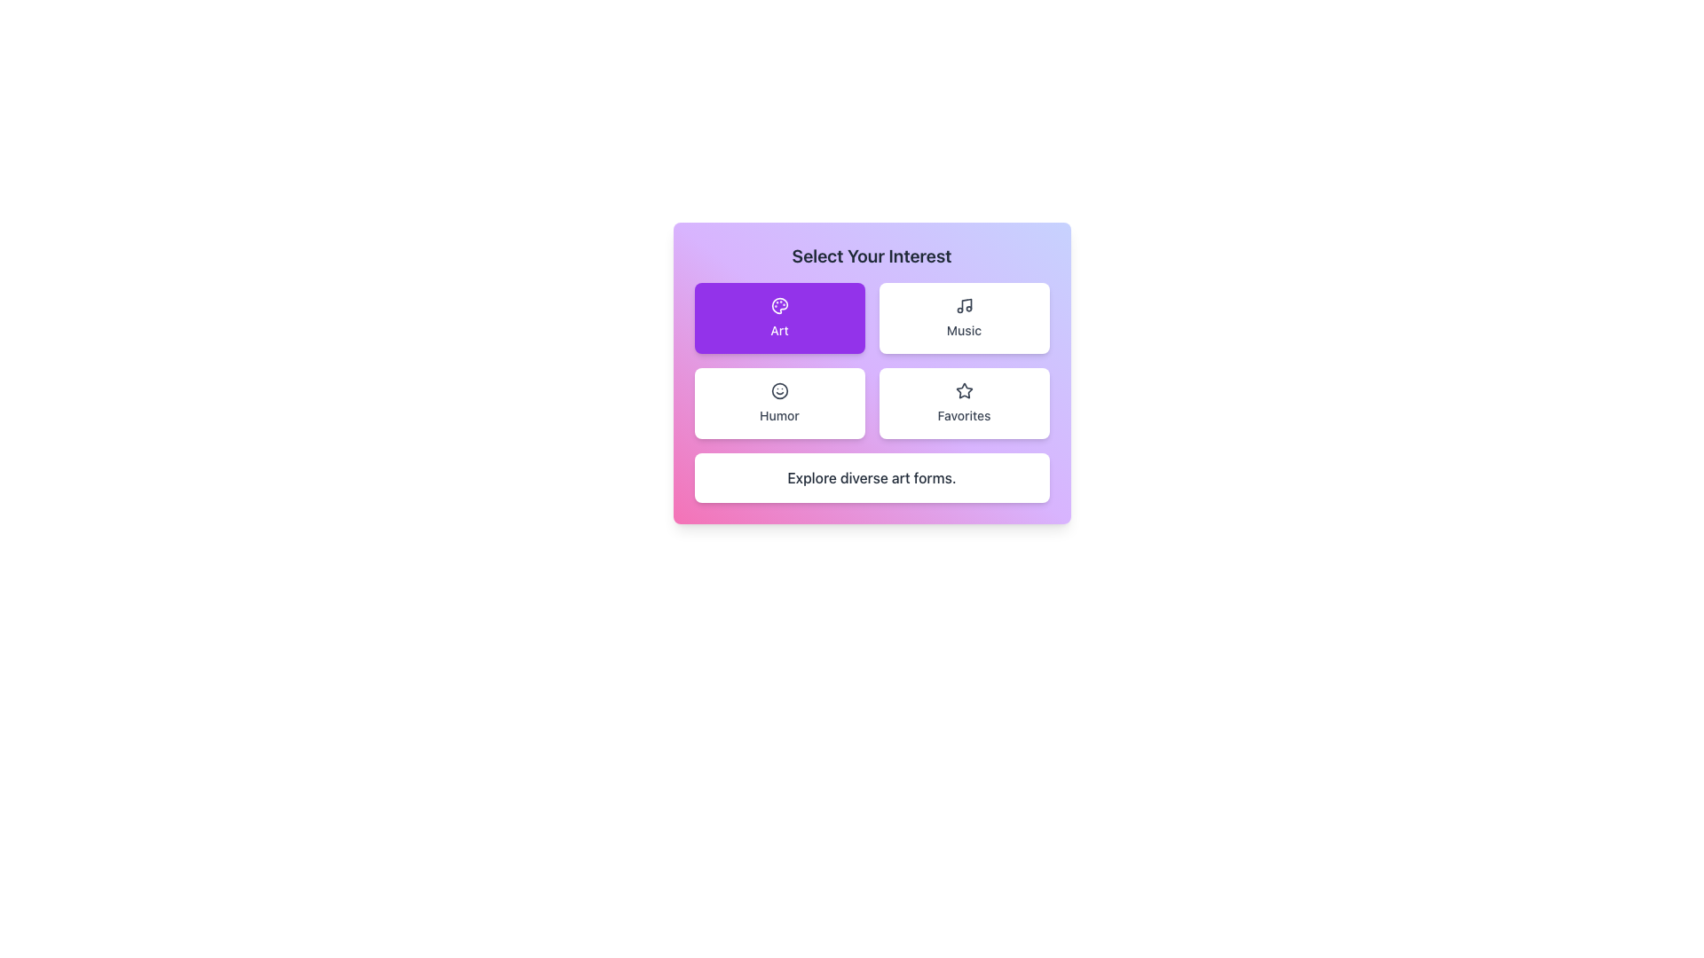 This screenshot has height=958, width=1704. Describe the element at coordinates (963, 404) in the screenshot. I see `the 'Favorites' button located at the bottom-right corner of the grid beneath the heading 'Select Your Interest' to trigger hover effects like scaling or shadows` at that location.